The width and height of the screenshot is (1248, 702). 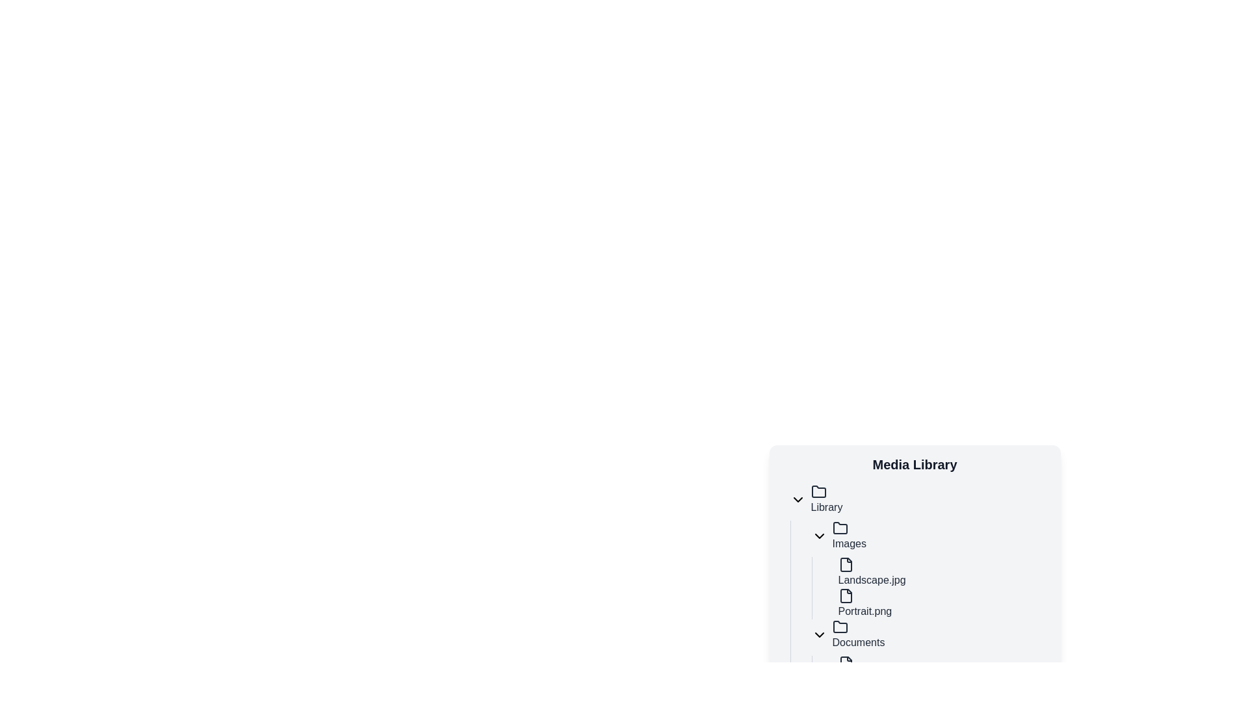 What do you see at coordinates (818, 536) in the screenshot?
I see `the icon located to the left of the 'Images' label in the navigation tree` at bounding box center [818, 536].